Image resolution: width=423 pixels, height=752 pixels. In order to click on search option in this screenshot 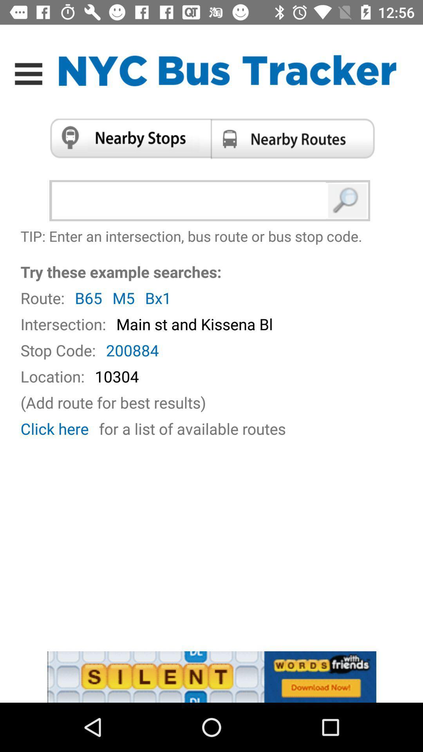, I will do `click(347, 201)`.